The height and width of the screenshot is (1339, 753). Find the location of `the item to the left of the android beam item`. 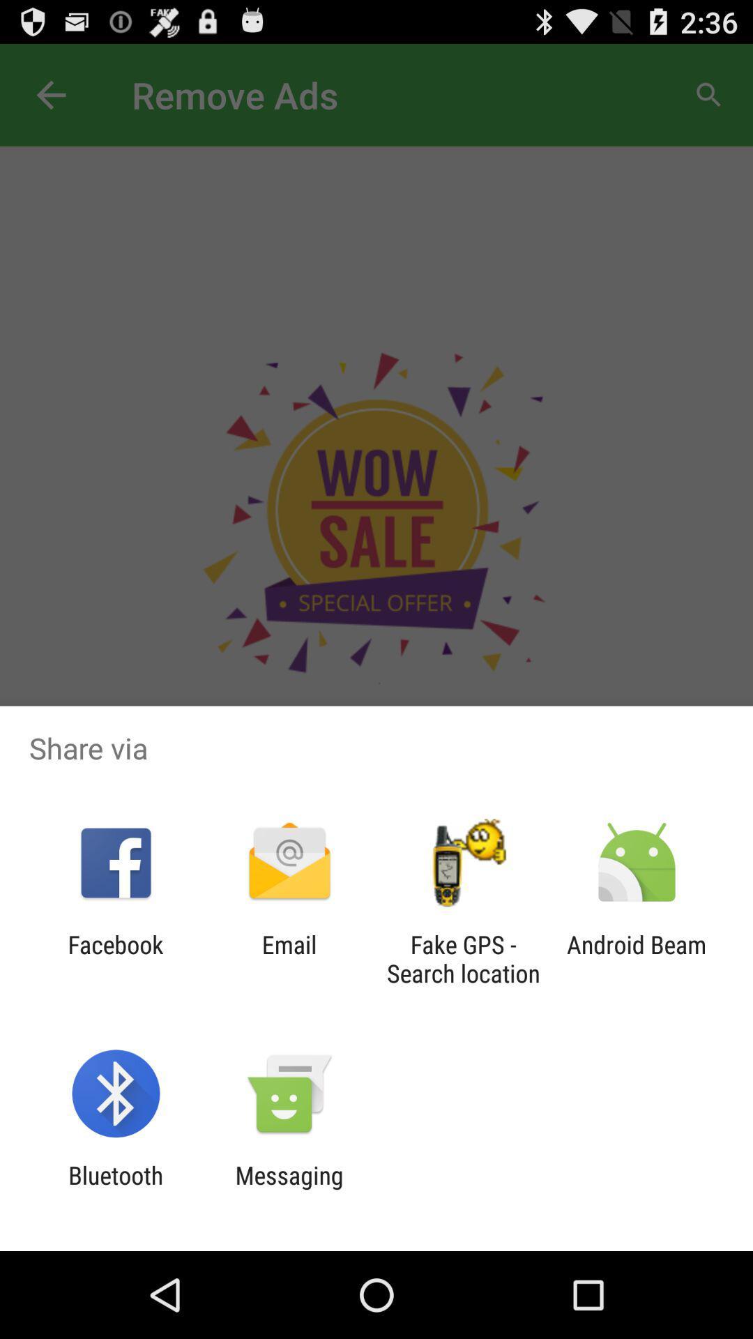

the item to the left of the android beam item is located at coordinates (463, 958).